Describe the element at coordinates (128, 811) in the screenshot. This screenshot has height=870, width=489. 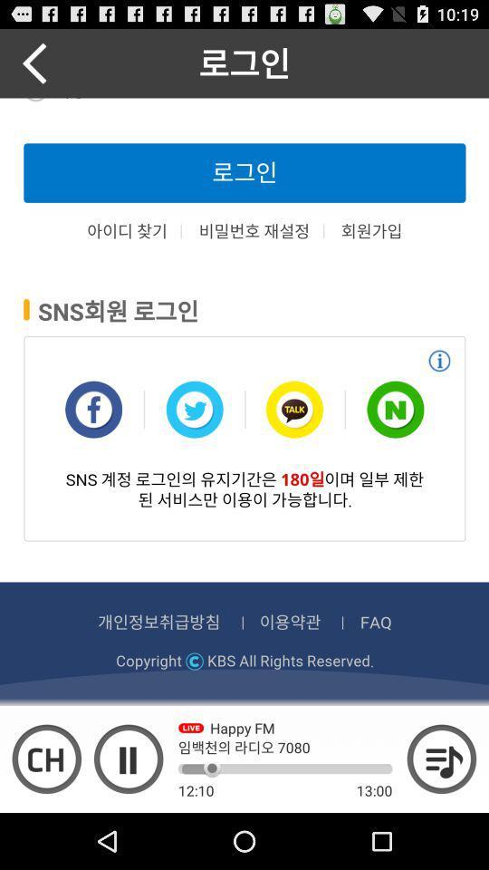
I see `the pause icon` at that location.